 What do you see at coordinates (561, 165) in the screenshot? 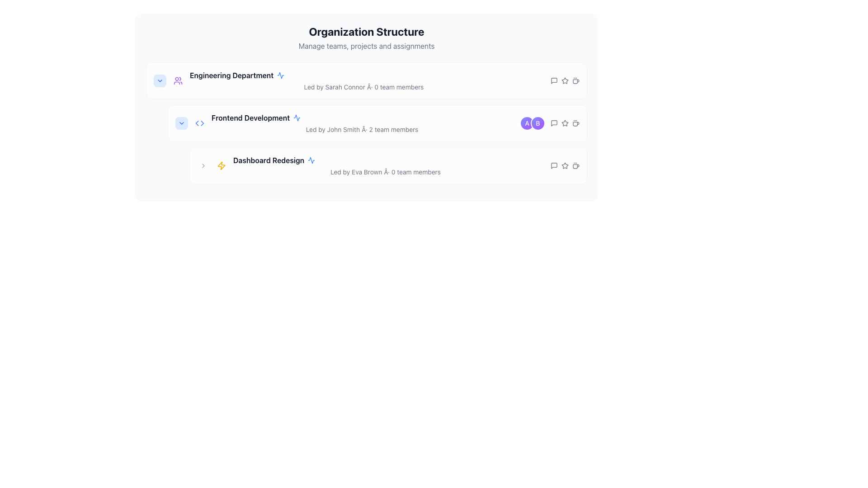
I see `the third star icon` at bounding box center [561, 165].